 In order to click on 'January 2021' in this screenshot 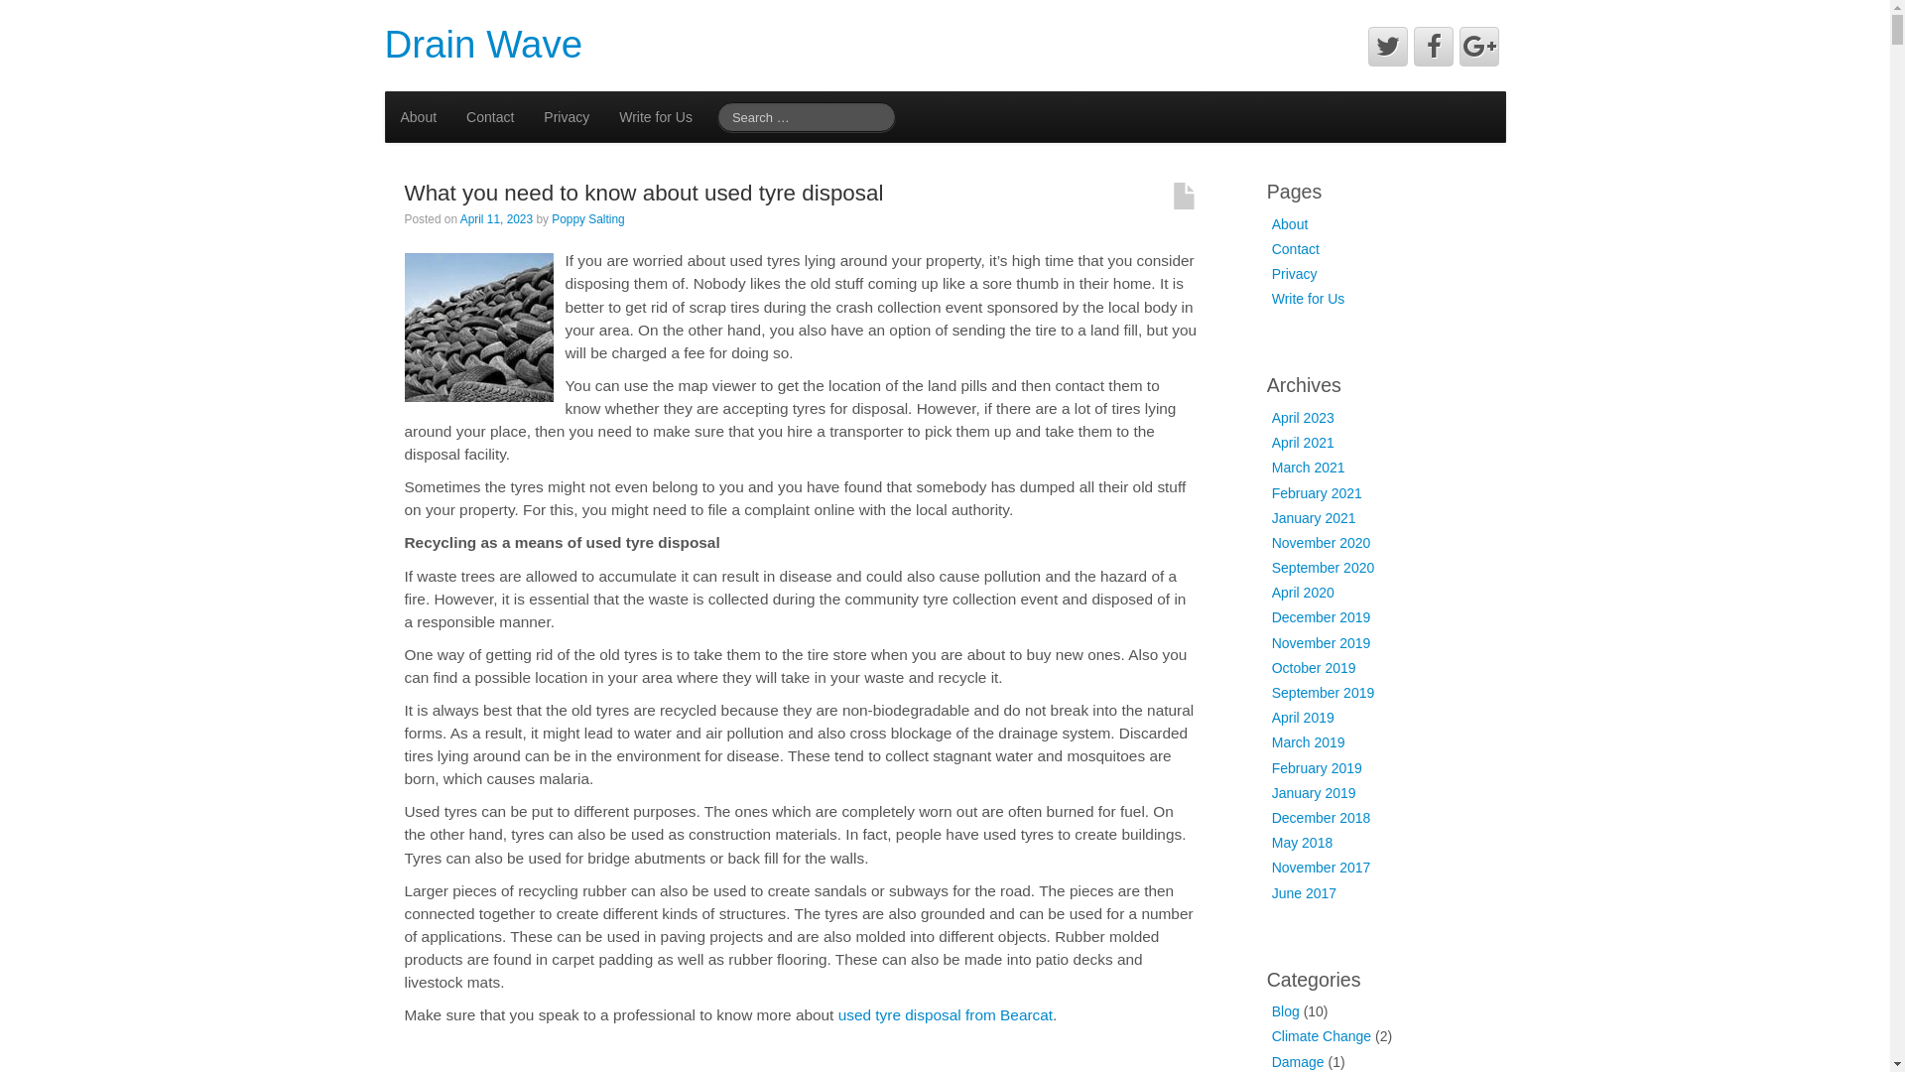, I will do `click(1314, 516)`.